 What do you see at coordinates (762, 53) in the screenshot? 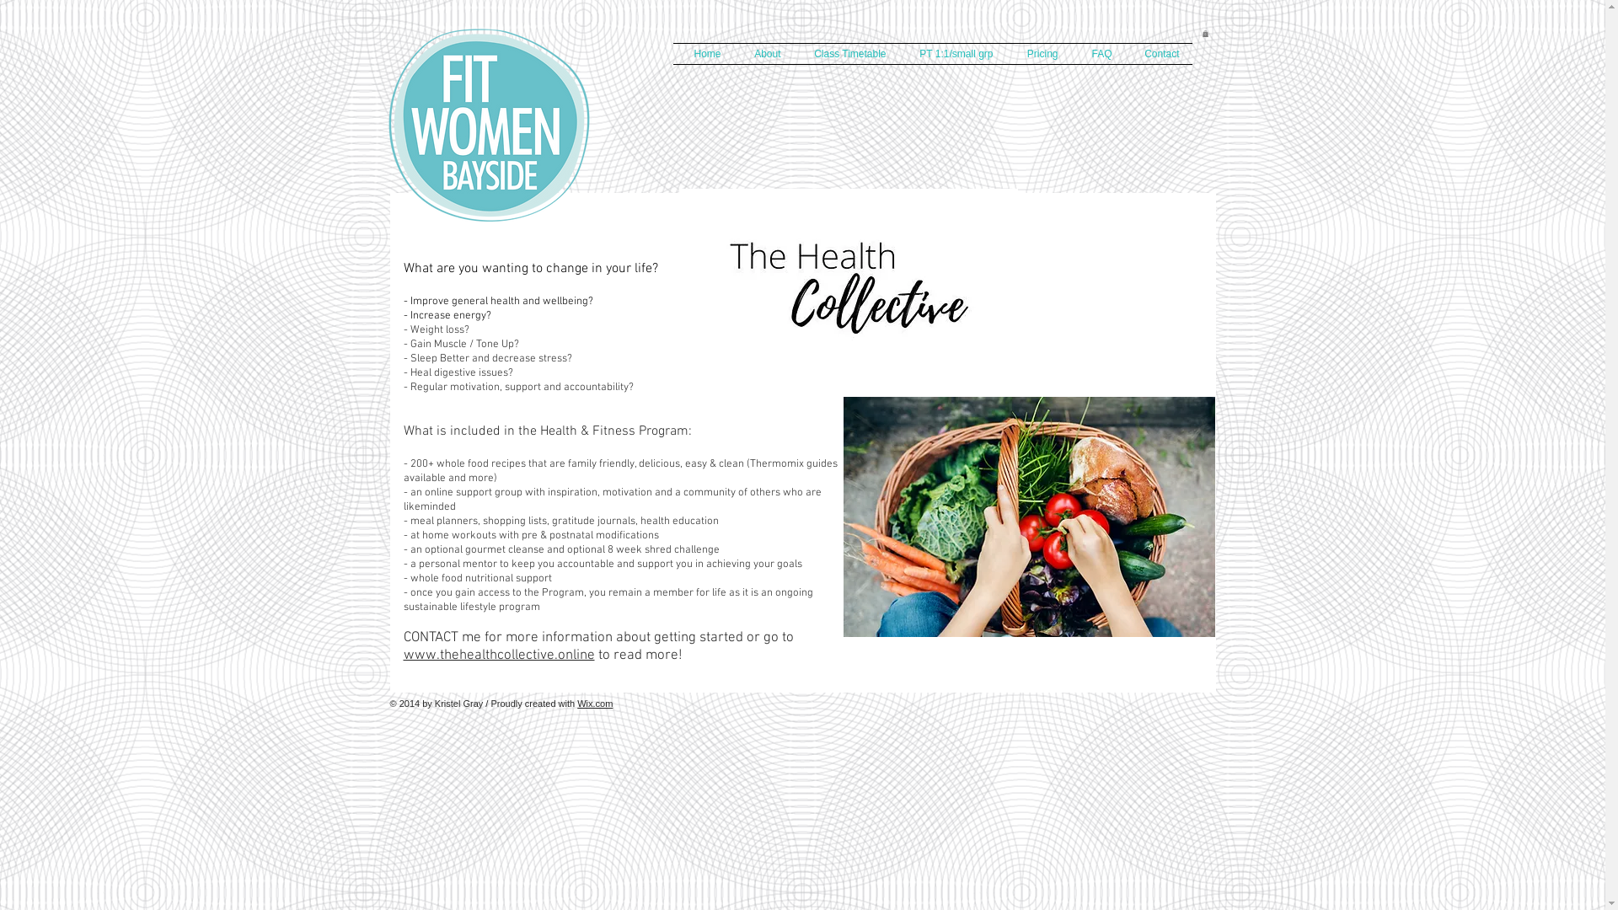
I see `'About'` at bounding box center [762, 53].